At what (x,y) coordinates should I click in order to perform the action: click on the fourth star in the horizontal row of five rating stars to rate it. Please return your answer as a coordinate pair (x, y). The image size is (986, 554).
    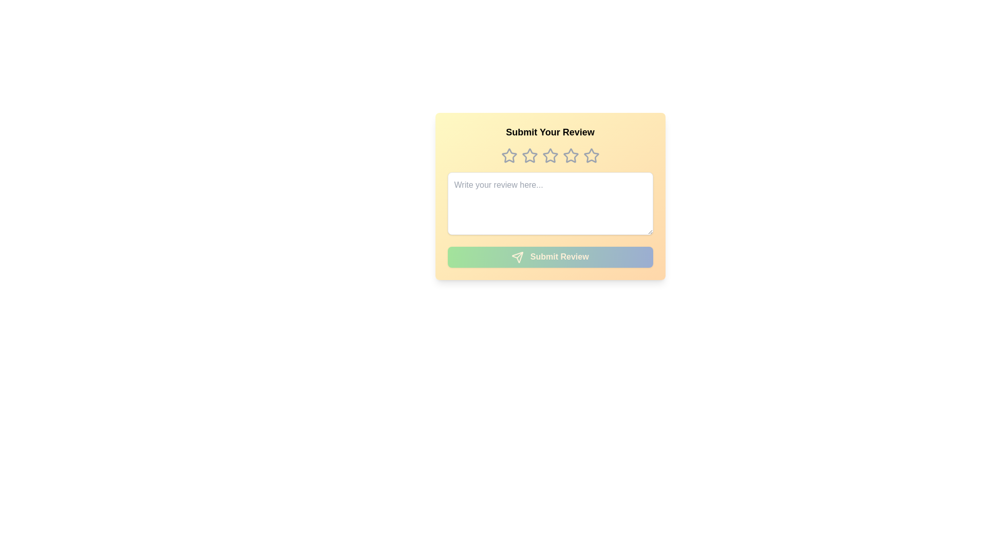
    Looking at the image, I should click on (570, 156).